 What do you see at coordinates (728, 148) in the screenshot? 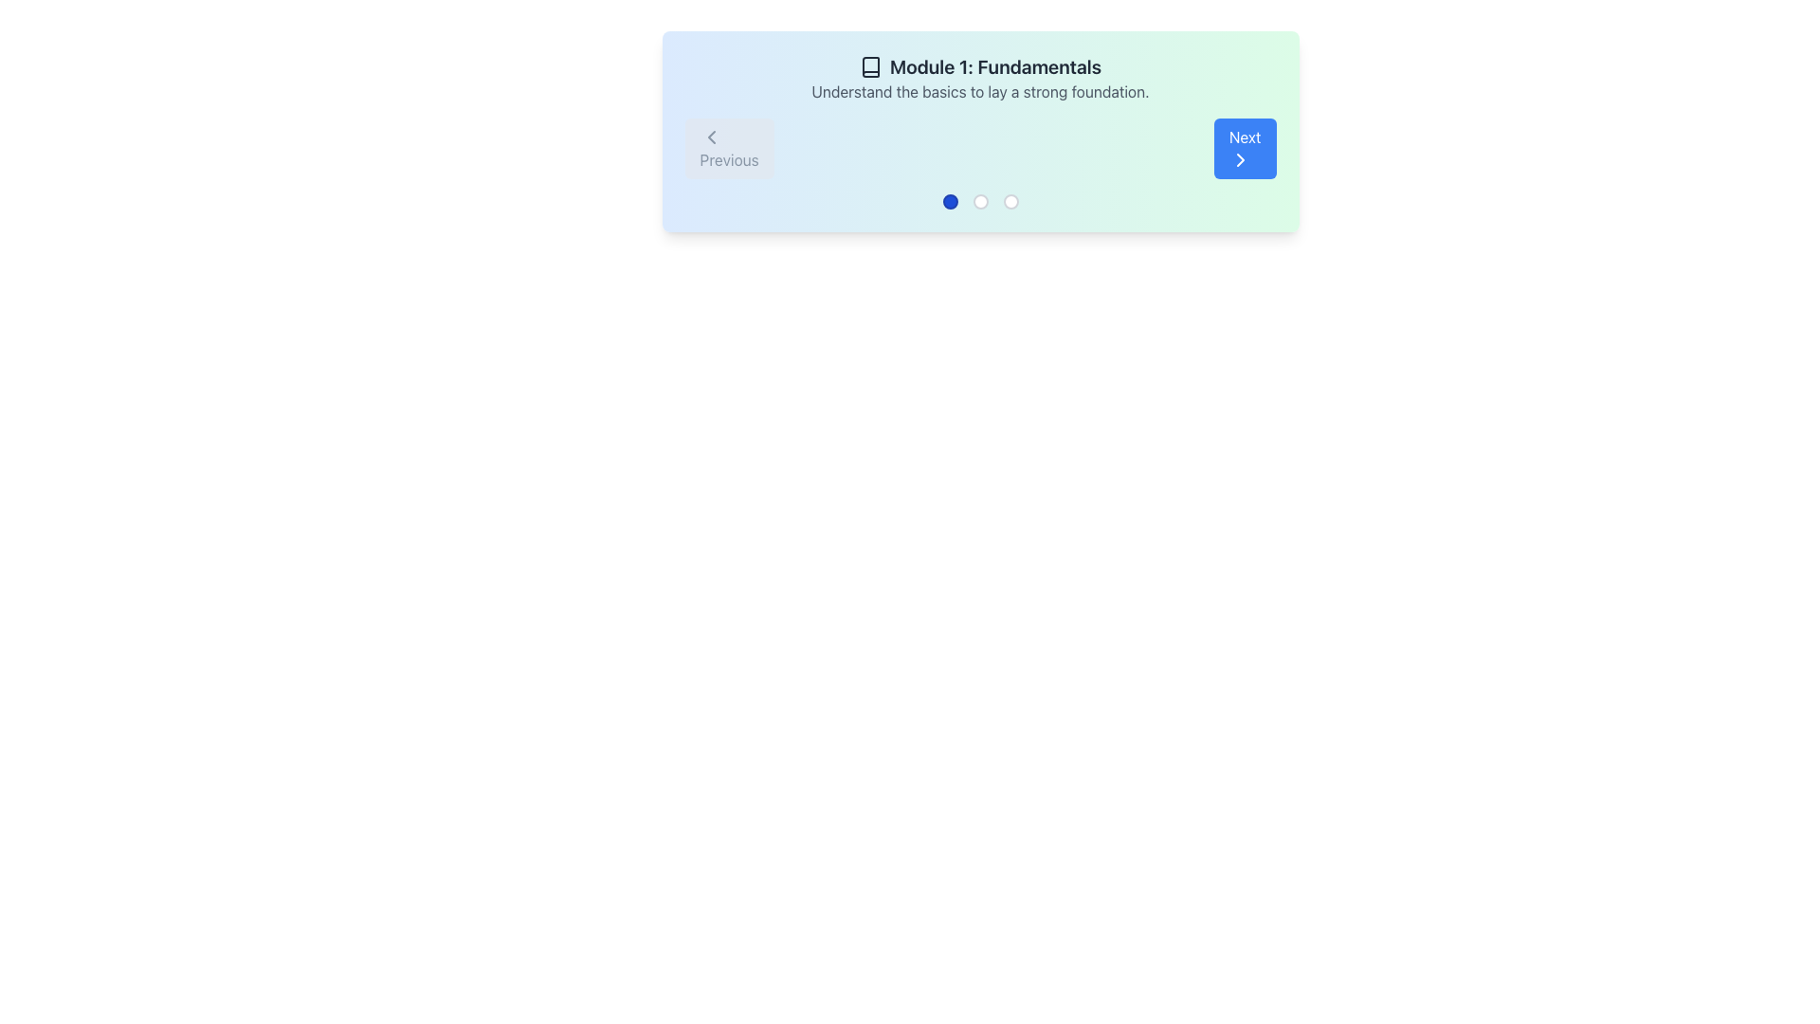
I see `'Previous' button, which is a rectangular button with a gray background and an arrow icon pointing left, for accessibility properties` at bounding box center [728, 148].